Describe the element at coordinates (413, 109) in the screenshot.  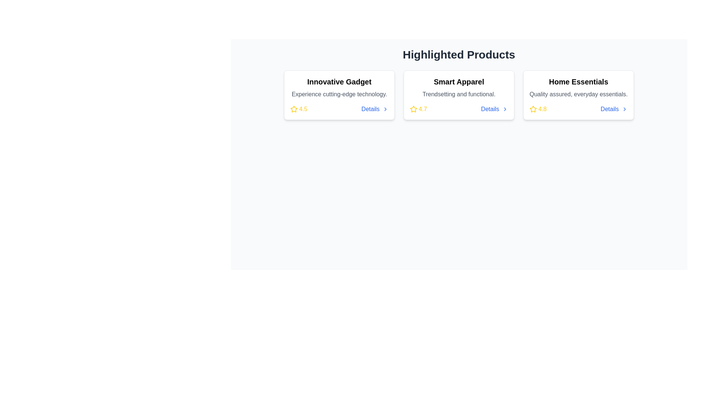
I see `the yellow star icon that signifies a rating of '4.7', located to the left of the text '4.7' in the Smart Apparel product card` at that location.